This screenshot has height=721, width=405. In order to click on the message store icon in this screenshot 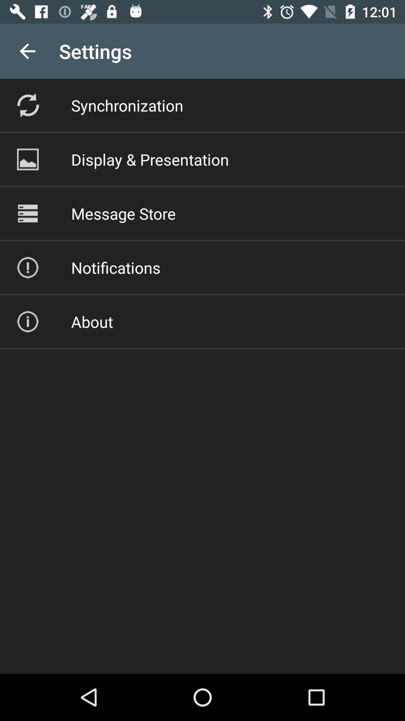, I will do `click(123, 213)`.